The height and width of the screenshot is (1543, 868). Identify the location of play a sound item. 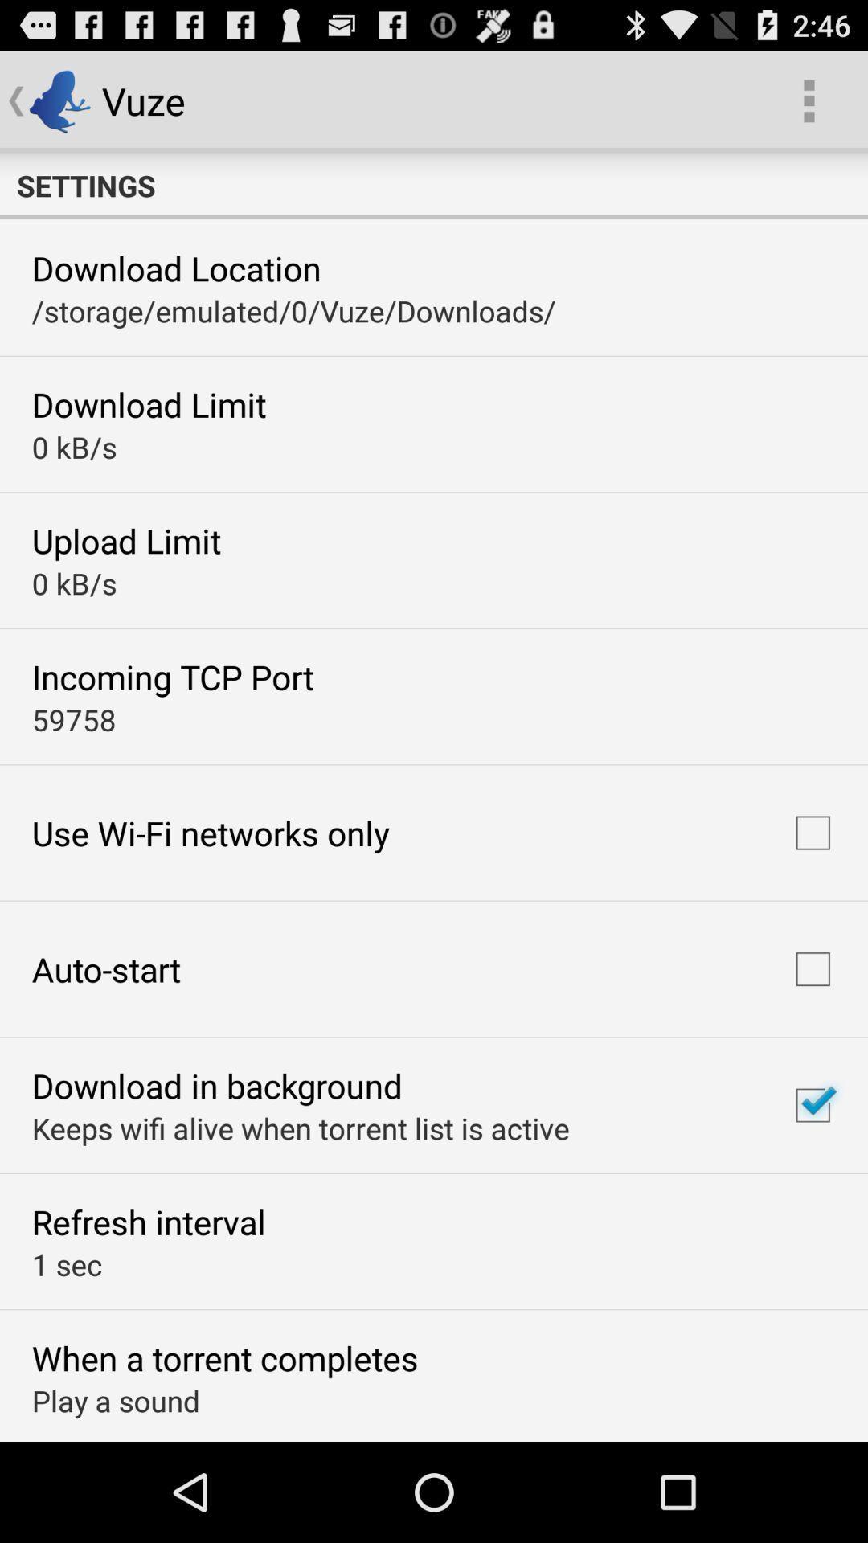
(115, 1399).